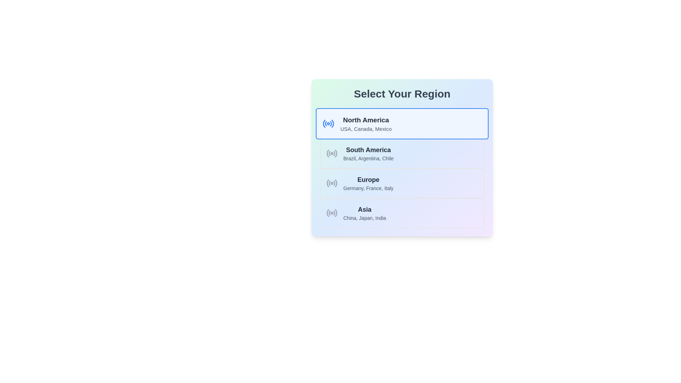  Describe the element at coordinates (366, 129) in the screenshot. I see `the text label displaying 'USA, Canada, Mexico' located below the 'North America' label in the 'Select Your Region' panel` at that location.